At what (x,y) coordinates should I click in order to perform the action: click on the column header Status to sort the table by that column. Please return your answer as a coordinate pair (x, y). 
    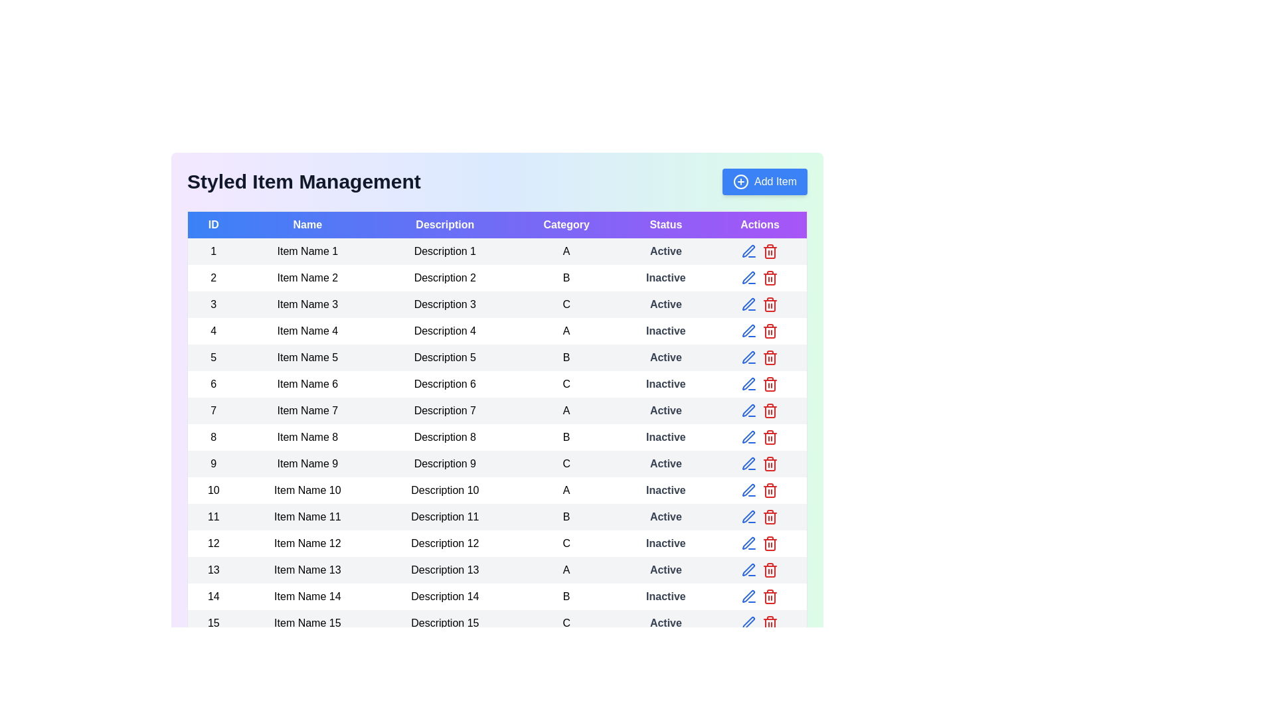
    Looking at the image, I should click on (665, 224).